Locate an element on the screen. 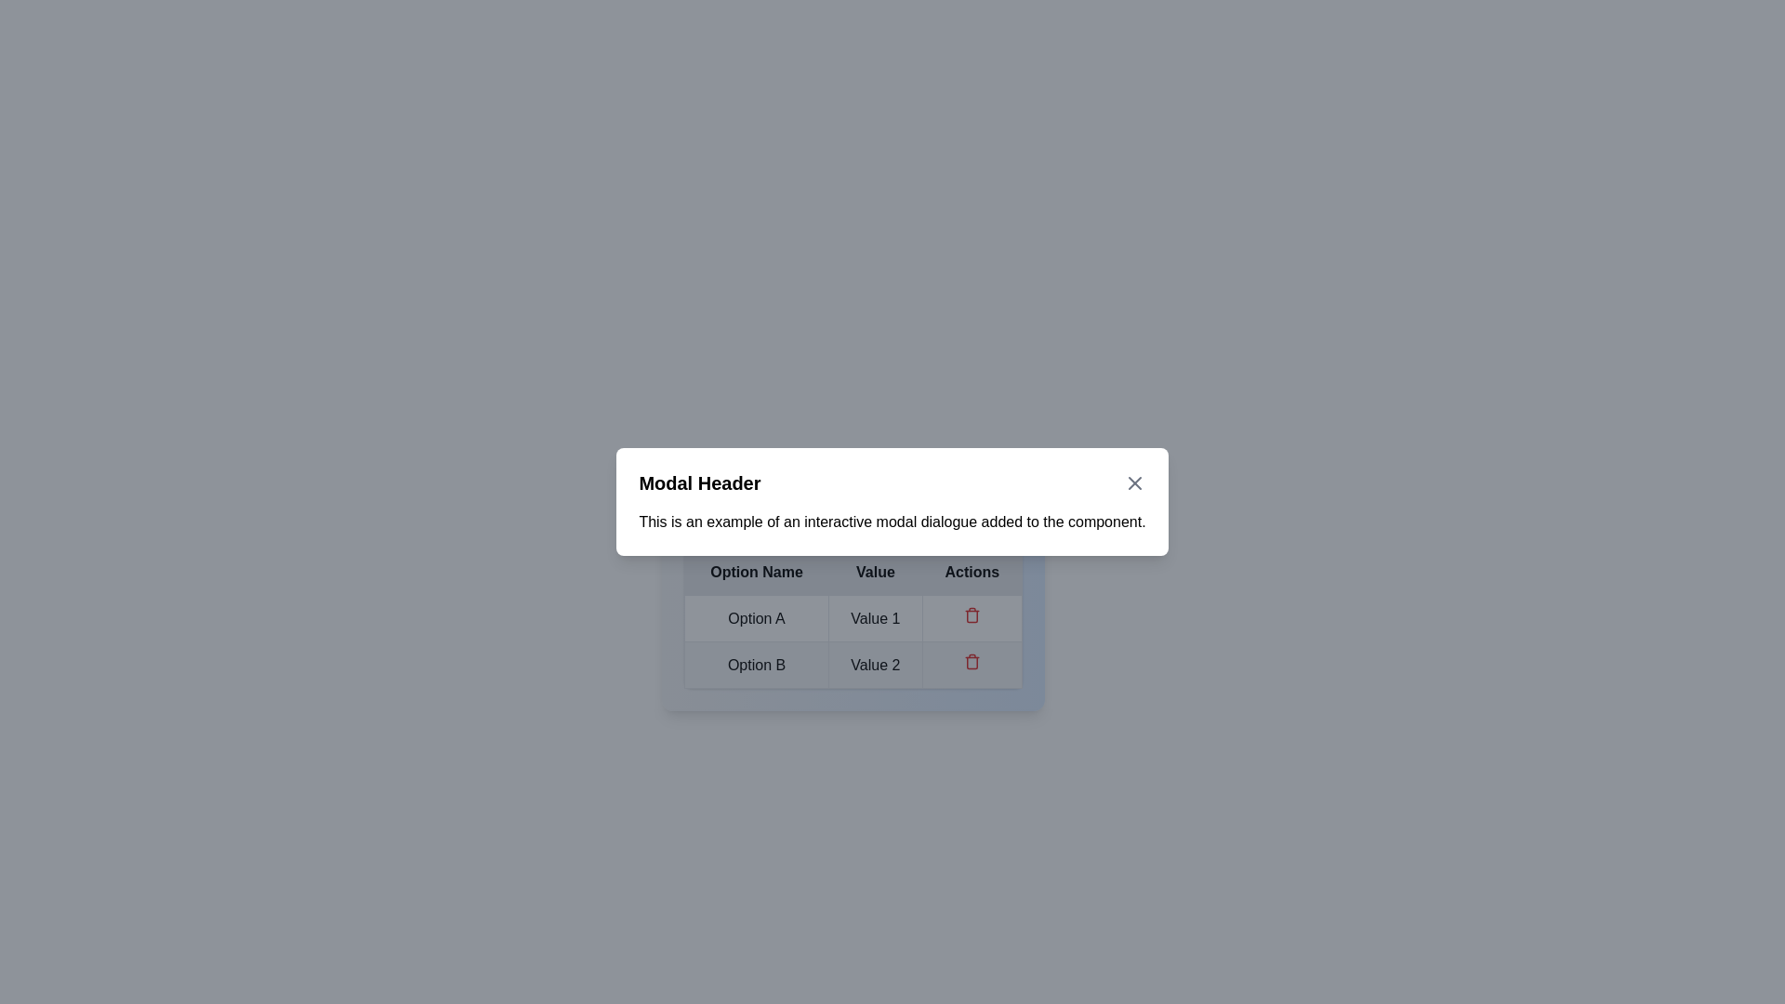 This screenshot has width=1785, height=1004. on the first row of the table in the modal dialog that contains 'Option A' and 'Value 1' is located at coordinates (852, 617).